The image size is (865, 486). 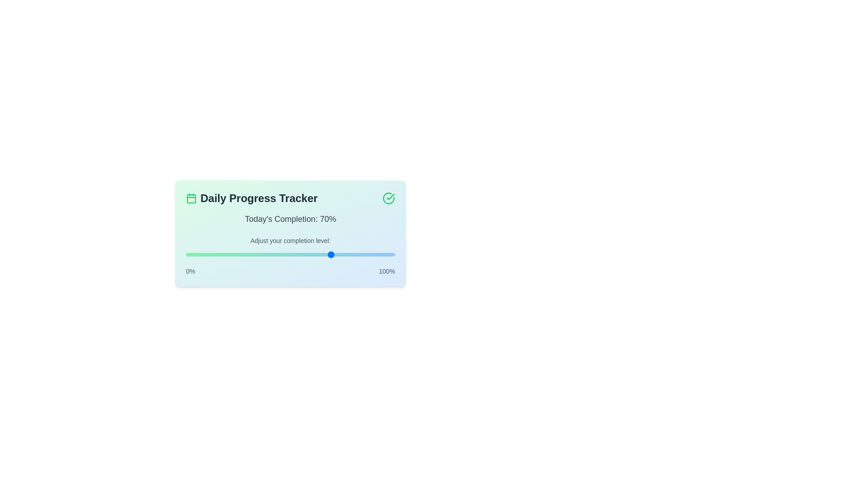 What do you see at coordinates (187, 255) in the screenshot?
I see `the progress level to 1%` at bounding box center [187, 255].